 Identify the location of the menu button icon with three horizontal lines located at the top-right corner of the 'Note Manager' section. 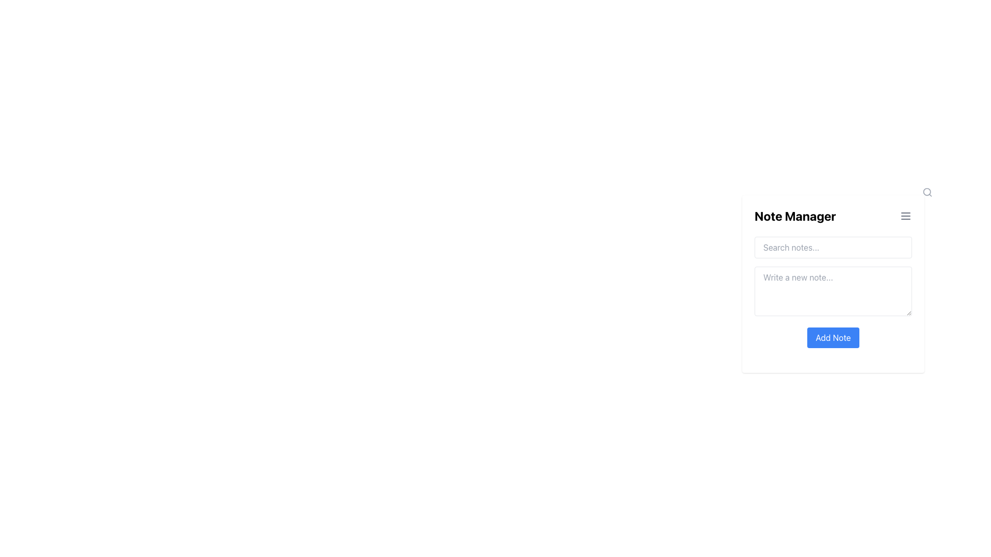
(905, 216).